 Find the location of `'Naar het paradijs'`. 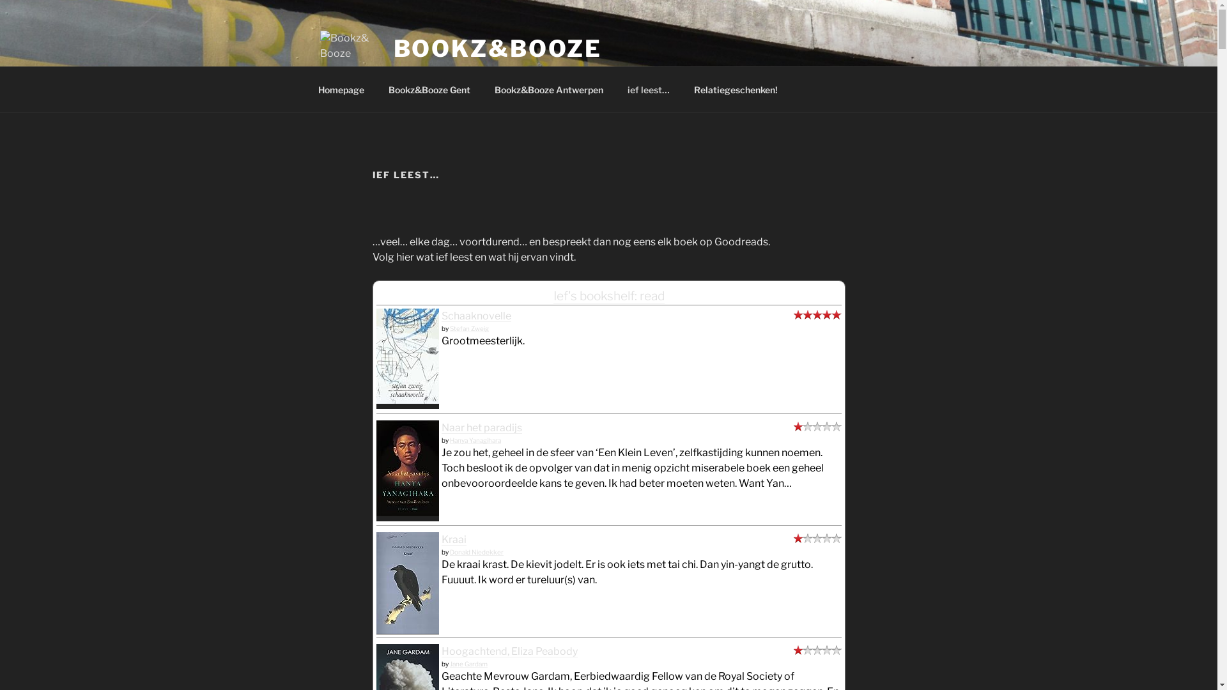

'Naar het paradijs' is located at coordinates (481, 427).